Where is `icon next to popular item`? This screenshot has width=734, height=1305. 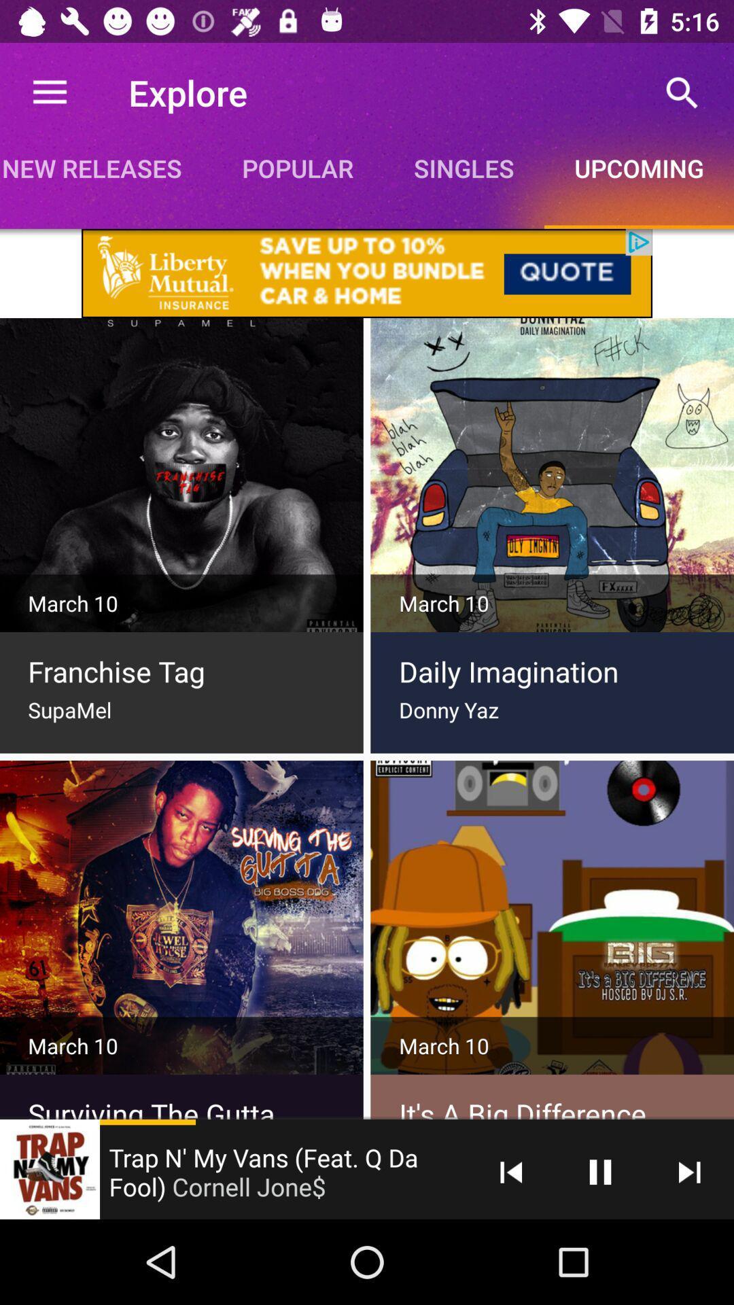
icon next to popular item is located at coordinates (463, 167).